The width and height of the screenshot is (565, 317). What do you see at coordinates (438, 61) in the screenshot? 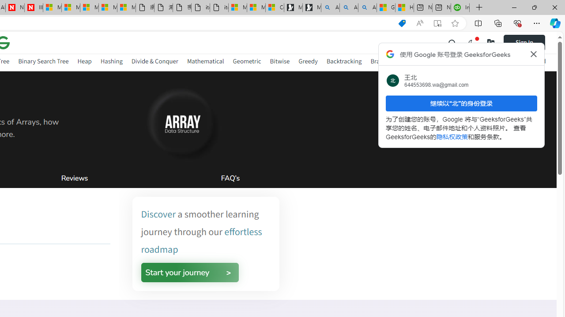
I see `'Matrix'` at bounding box center [438, 61].